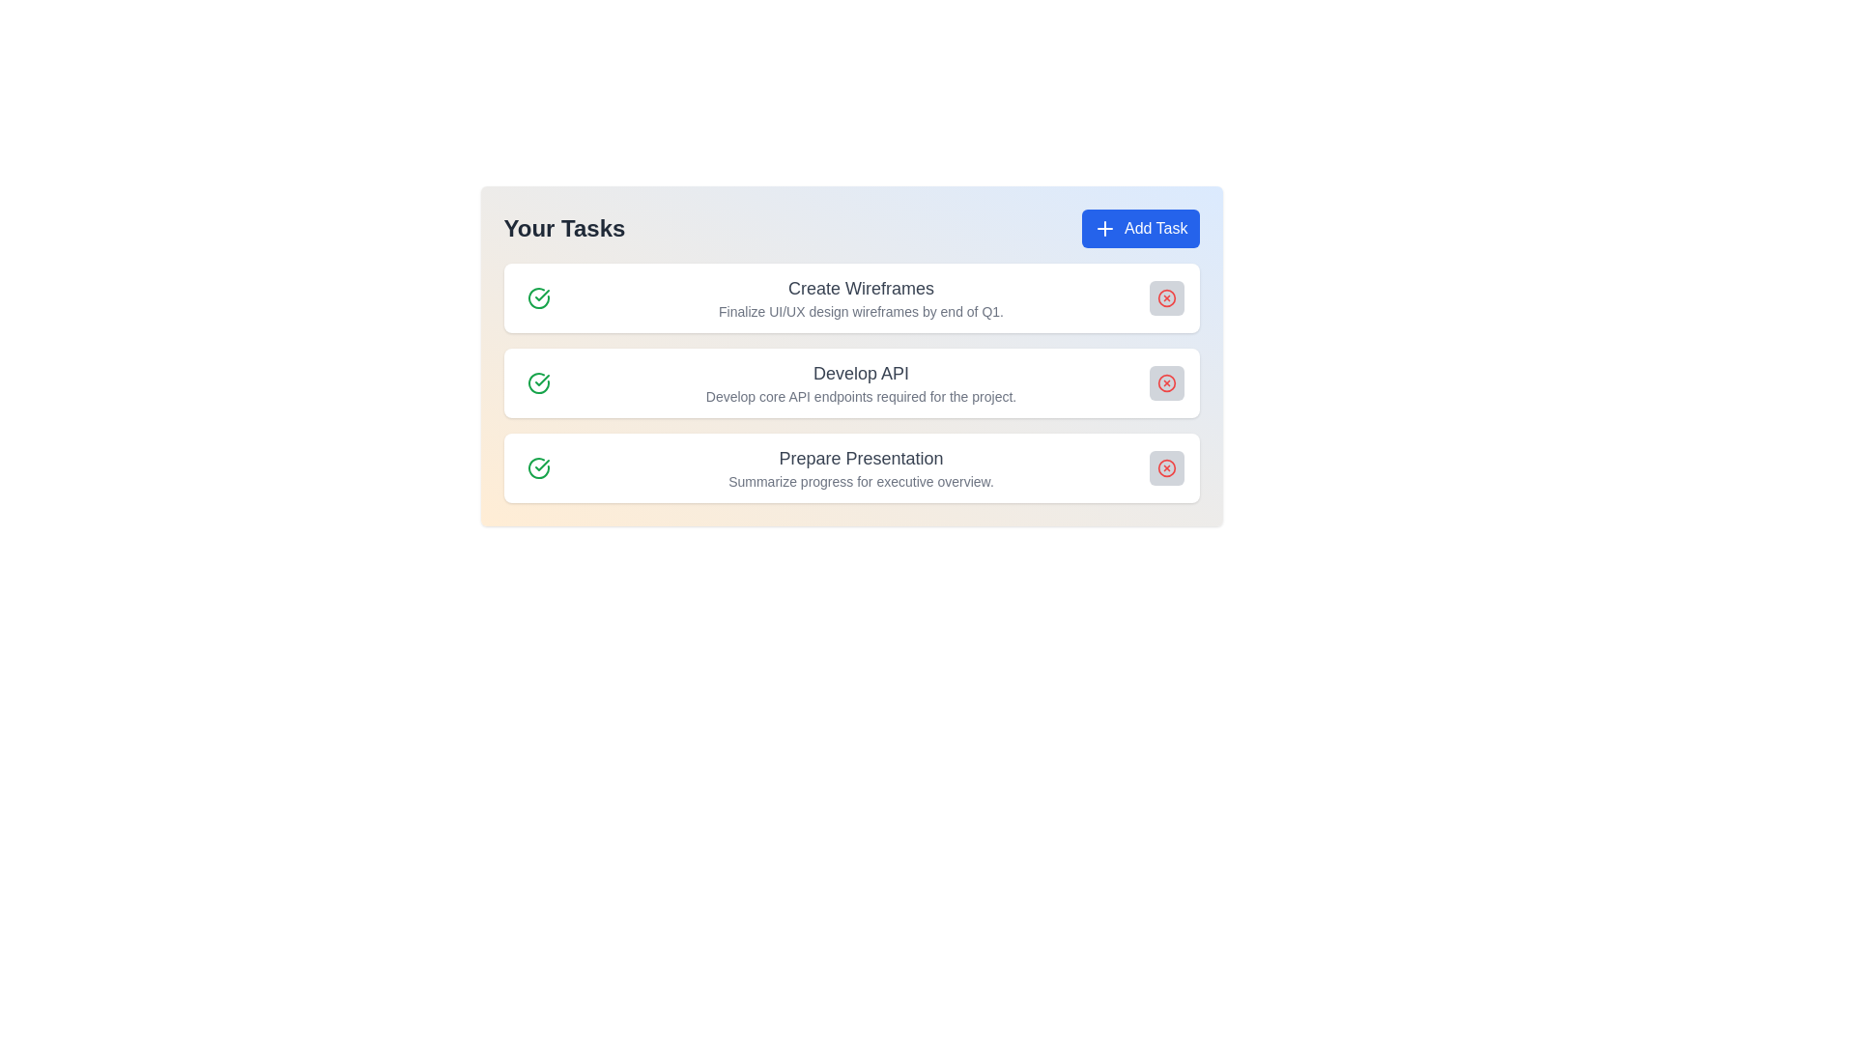 The image size is (1855, 1043). What do you see at coordinates (1165, 383) in the screenshot?
I see `the circular gray button with a red 'X' icon, which is the last 'remove' button associated with the task titled 'Develop API', to change its background color` at bounding box center [1165, 383].